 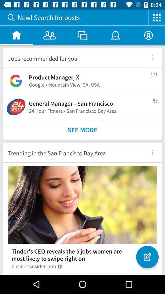 What do you see at coordinates (73, 152) in the screenshot?
I see `icon below the see more icon` at bounding box center [73, 152].